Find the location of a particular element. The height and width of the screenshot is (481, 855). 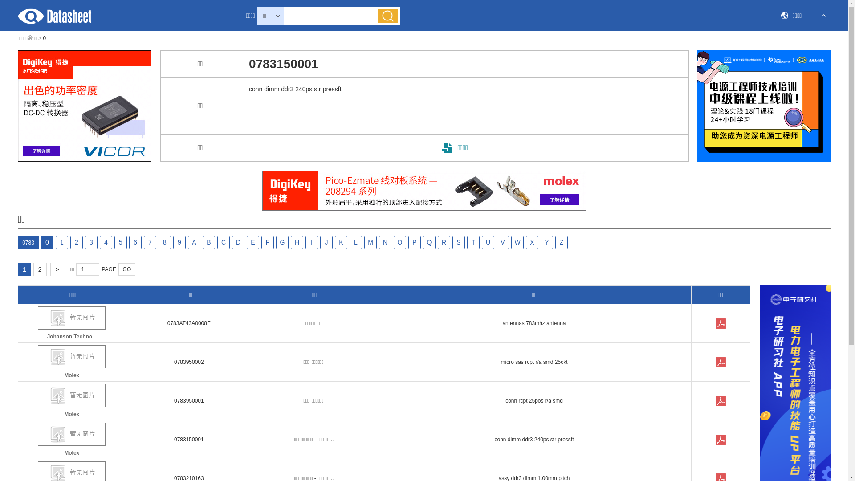

'Z' is located at coordinates (561, 242).